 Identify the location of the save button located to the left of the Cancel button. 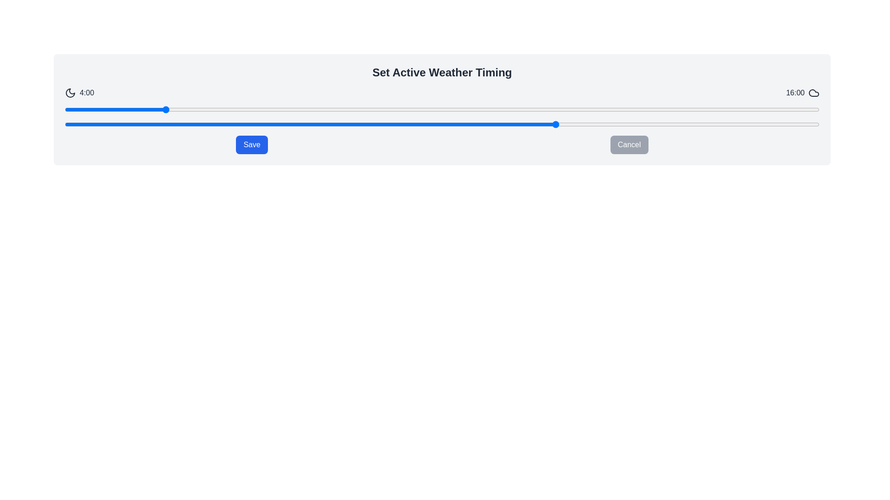
(252, 144).